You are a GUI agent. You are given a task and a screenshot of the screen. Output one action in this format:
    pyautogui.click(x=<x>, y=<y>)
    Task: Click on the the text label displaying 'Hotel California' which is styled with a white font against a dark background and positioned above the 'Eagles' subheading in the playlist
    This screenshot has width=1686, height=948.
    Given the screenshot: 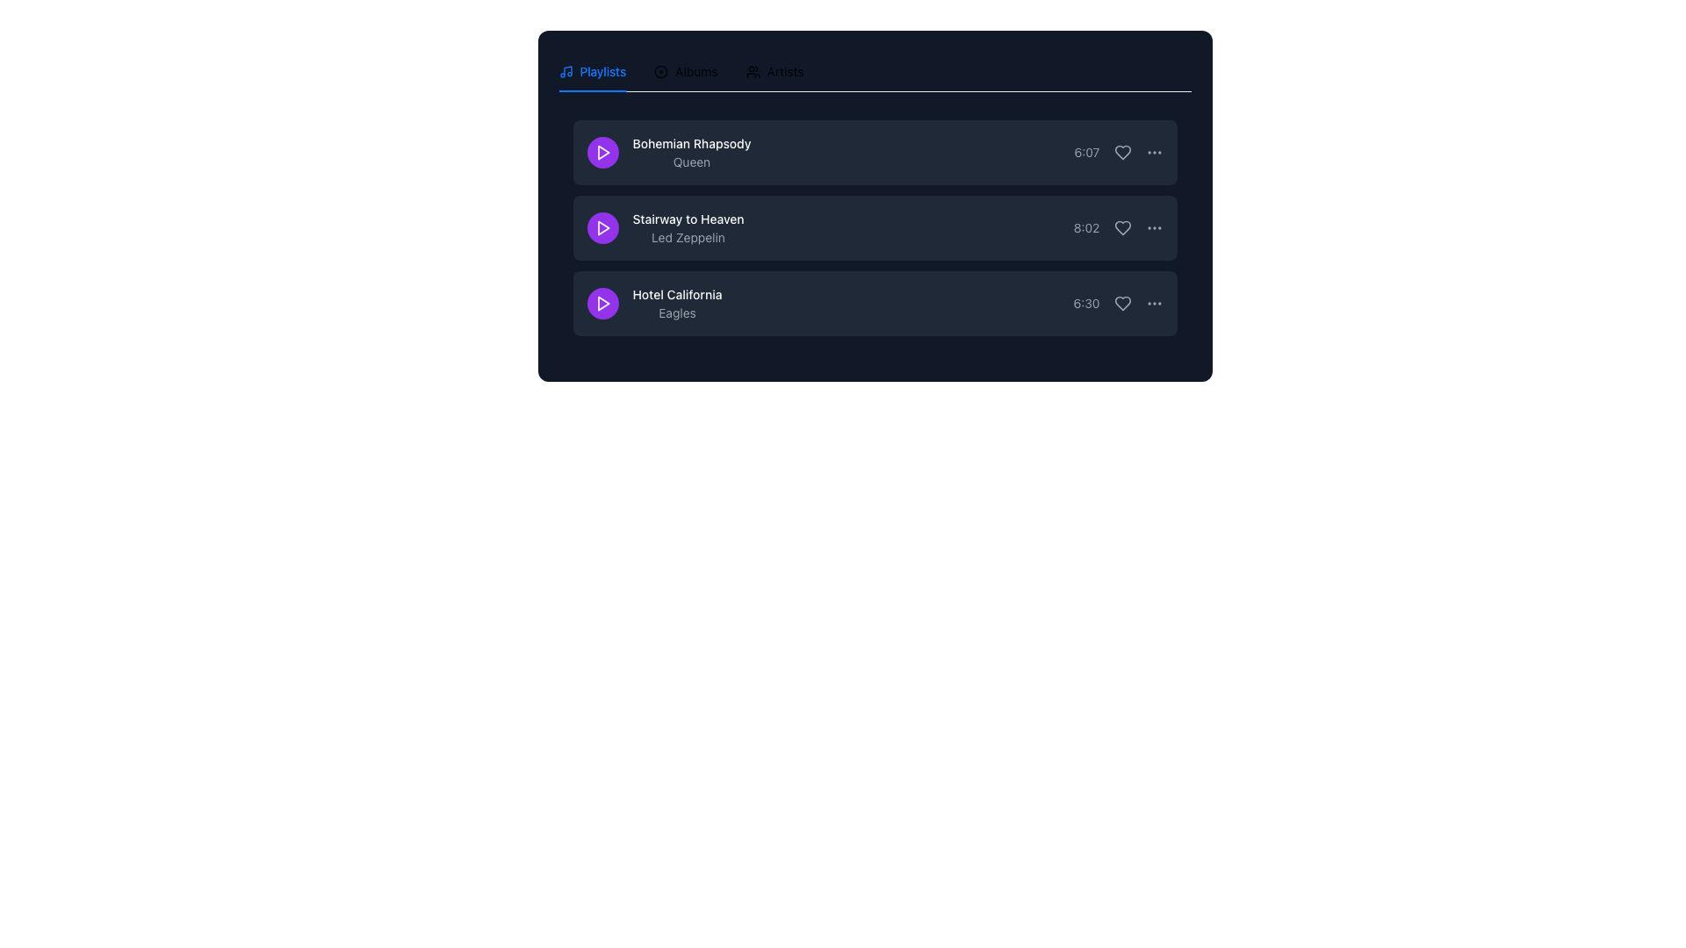 What is the action you would take?
    pyautogui.click(x=676, y=293)
    